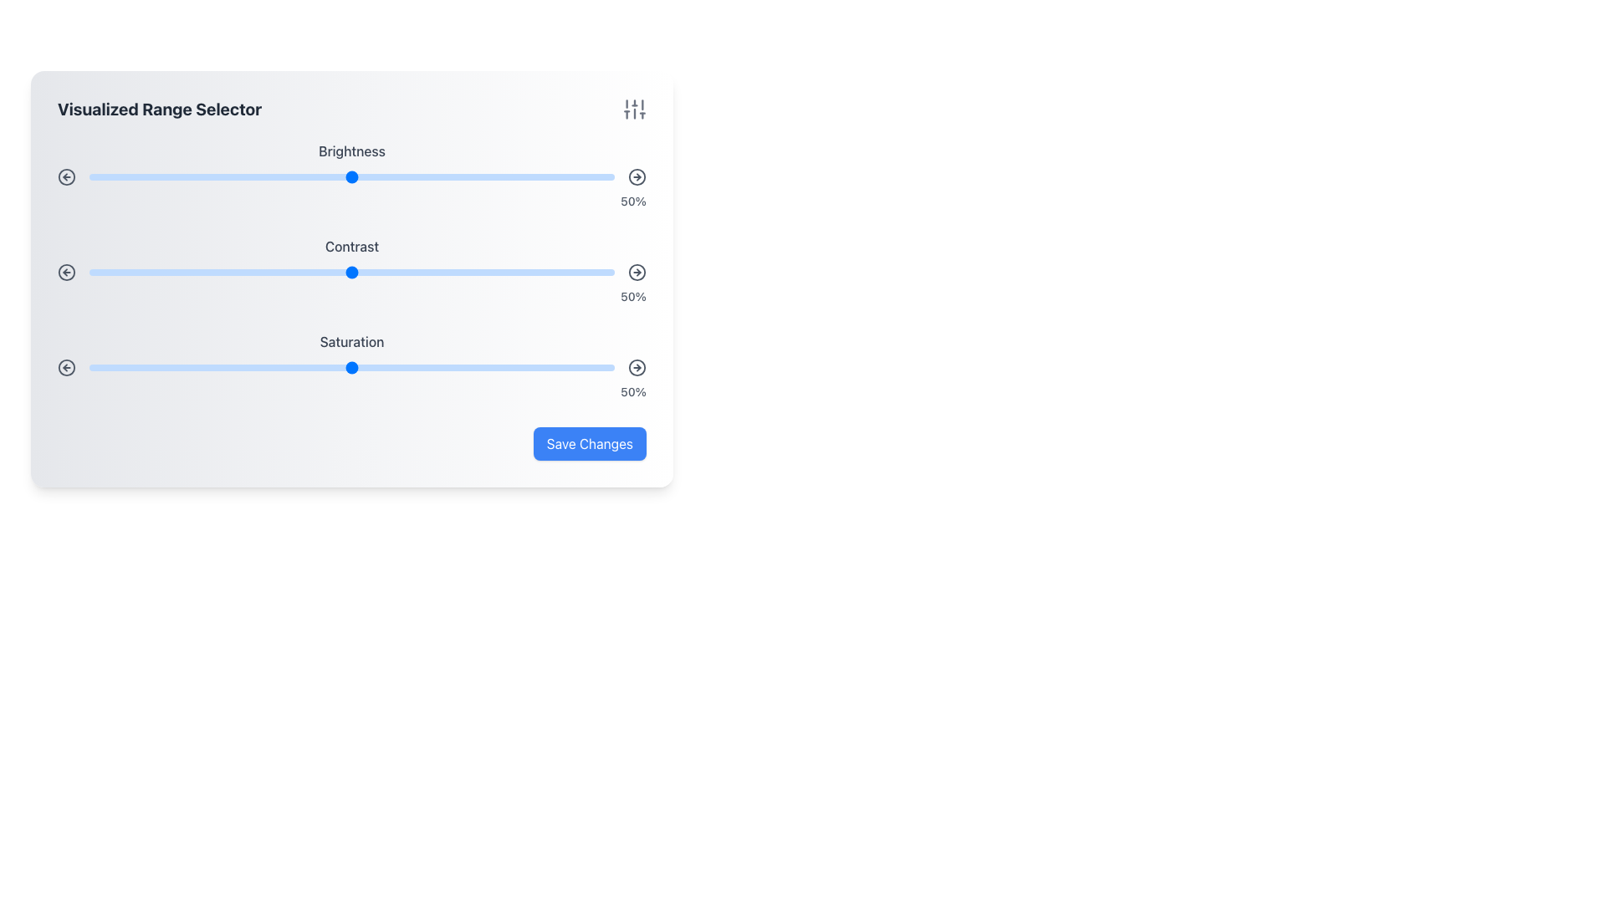 The image size is (1606, 903). What do you see at coordinates (262, 272) in the screenshot?
I see `contrast` at bounding box center [262, 272].